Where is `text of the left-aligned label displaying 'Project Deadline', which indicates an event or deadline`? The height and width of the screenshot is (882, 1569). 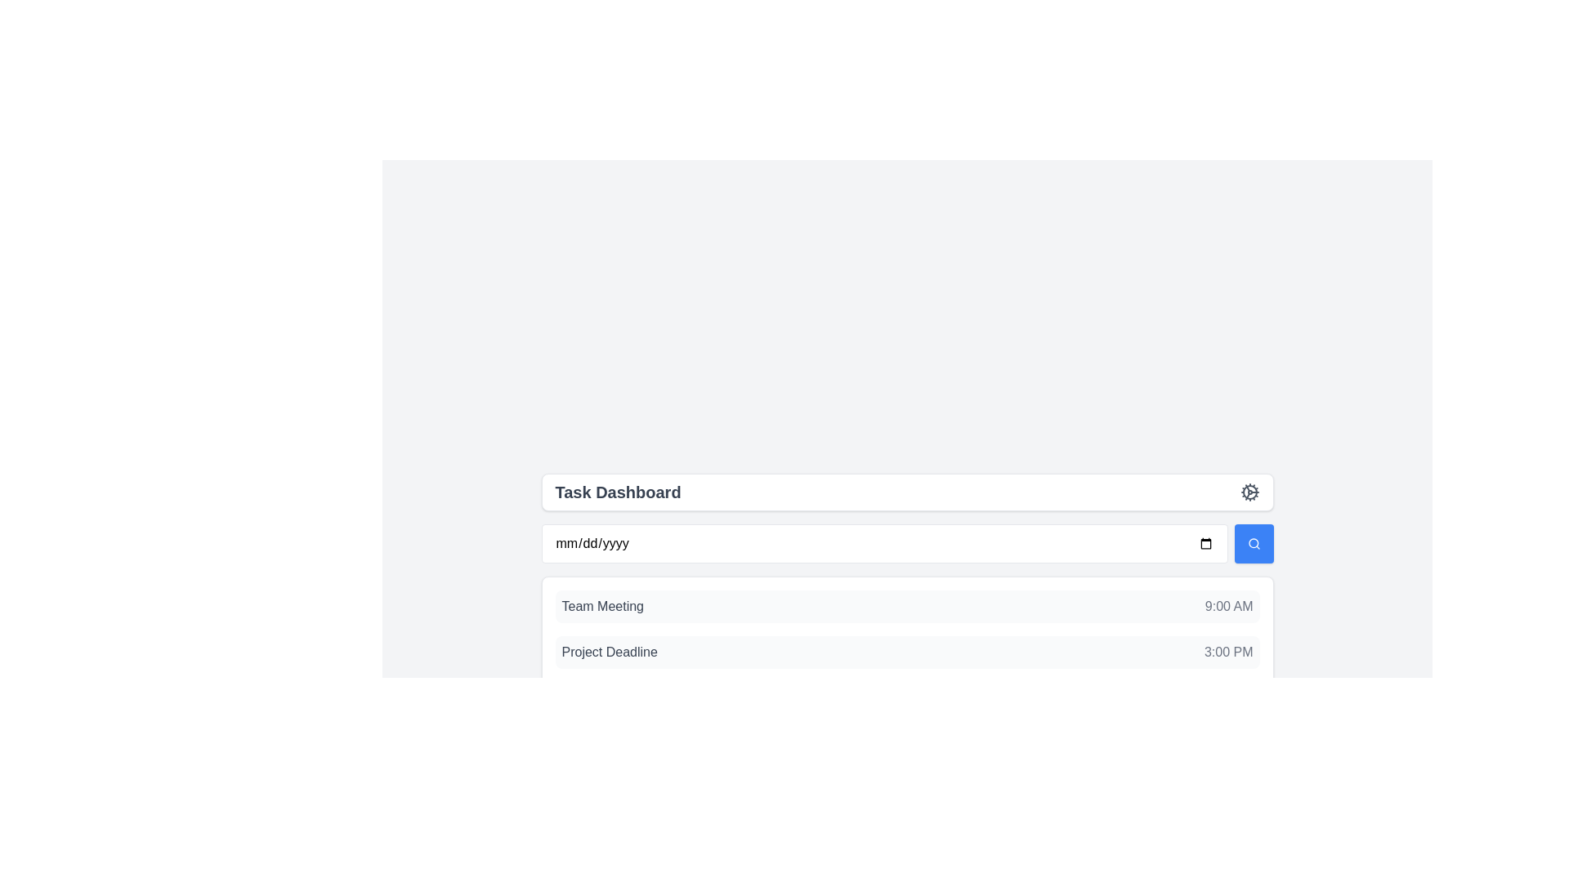
text of the left-aligned label displaying 'Project Deadline', which indicates an event or deadline is located at coordinates (609, 651).